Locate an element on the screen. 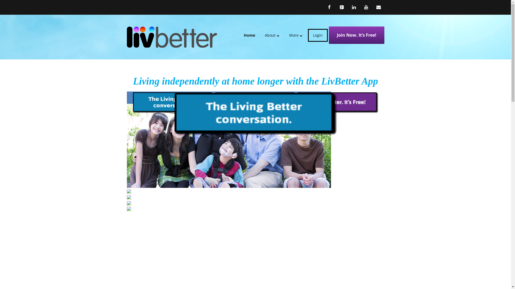 This screenshot has width=515, height=289. 'Facebook' is located at coordinates (330, 7).